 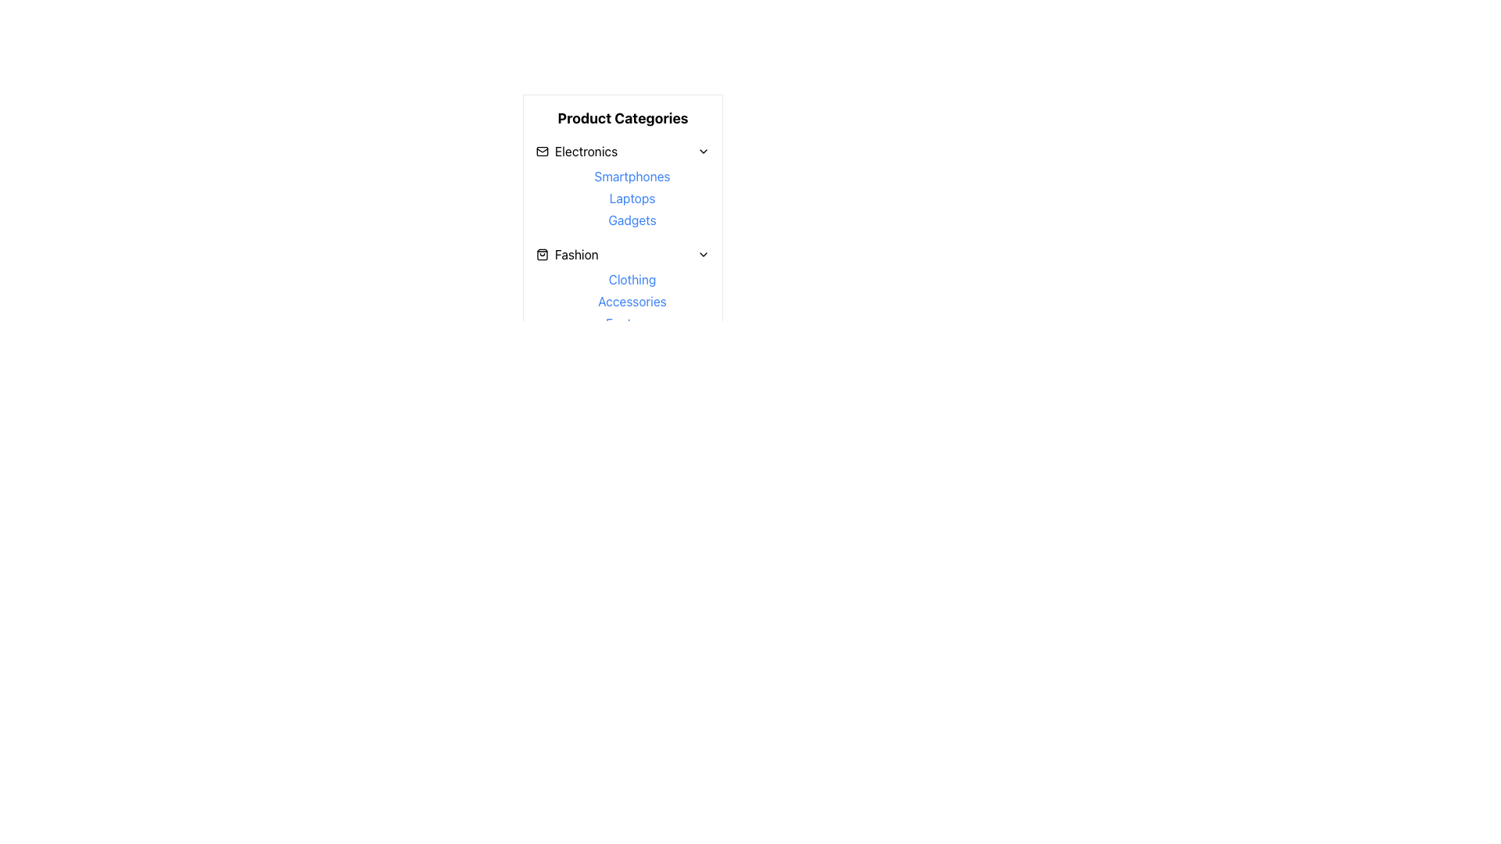 I want to click on the hyperlinked list item that serves as a navigational option for subcategories within the 'Fashion' category, located below the 'Electronics' category in the expanded submenu under 'Product Categories', so click(x=632, y=301).